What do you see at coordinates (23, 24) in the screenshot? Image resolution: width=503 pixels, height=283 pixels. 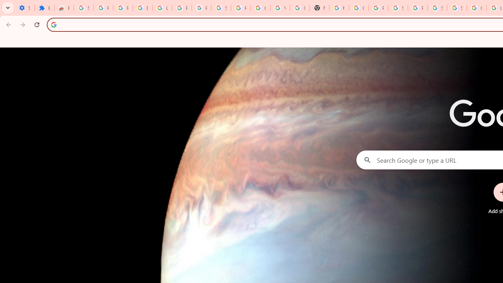 I see `'Forward'` at bounding box center [23, 24].